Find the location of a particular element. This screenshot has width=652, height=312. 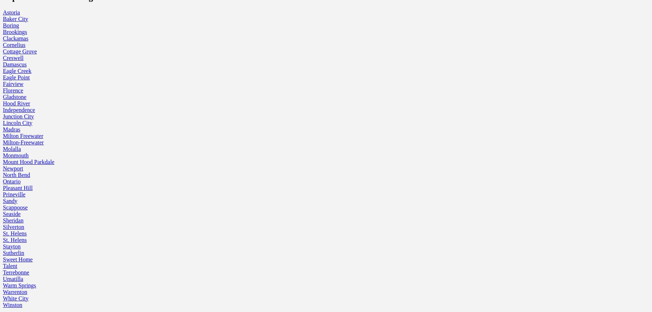

'Mount Hood Parkdale' is located at coordinates (28, 161).